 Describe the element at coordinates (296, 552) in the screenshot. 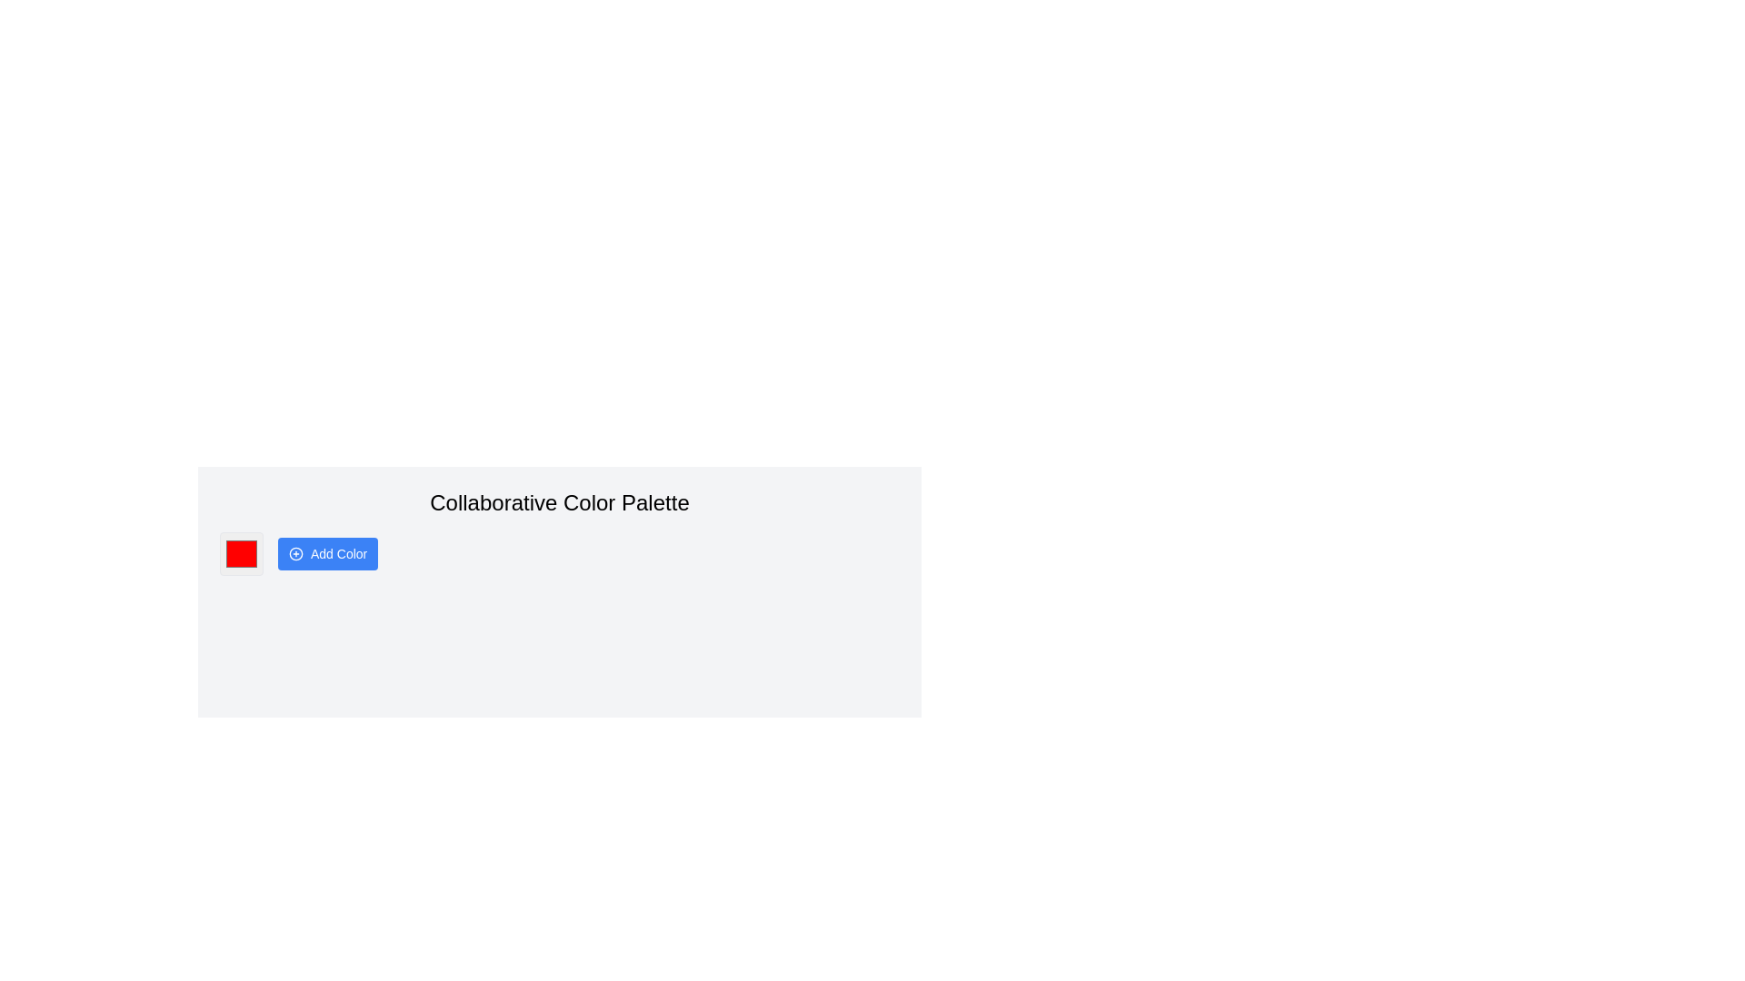

I see `the circular icon located to the immediate left of the 'Add Color' text label within the blue-colored button in the lower-left region of the interface` at that location.